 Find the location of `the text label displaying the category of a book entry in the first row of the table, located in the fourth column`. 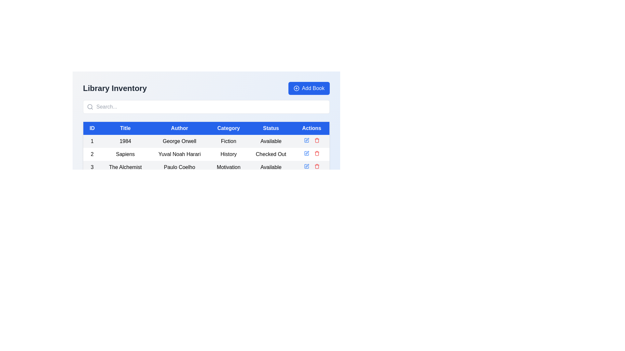

the text label displaying the category of a book entry in the first row of the table, located in the fourth column is located at coordinates (229, 141).